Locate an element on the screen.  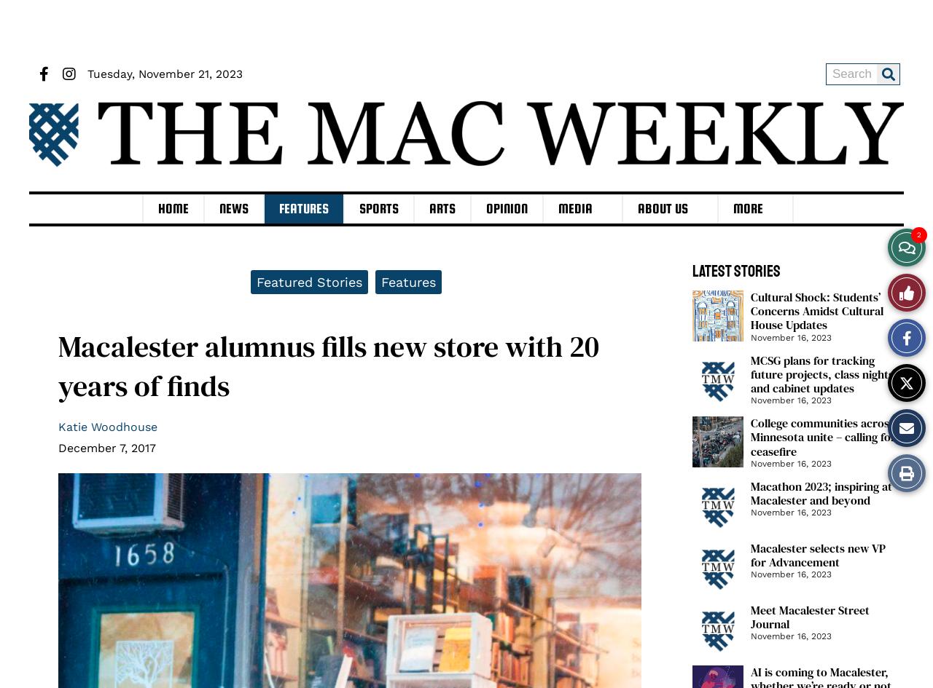
'Meet Macalester Street Journal' is located at coordinates (809, 616).